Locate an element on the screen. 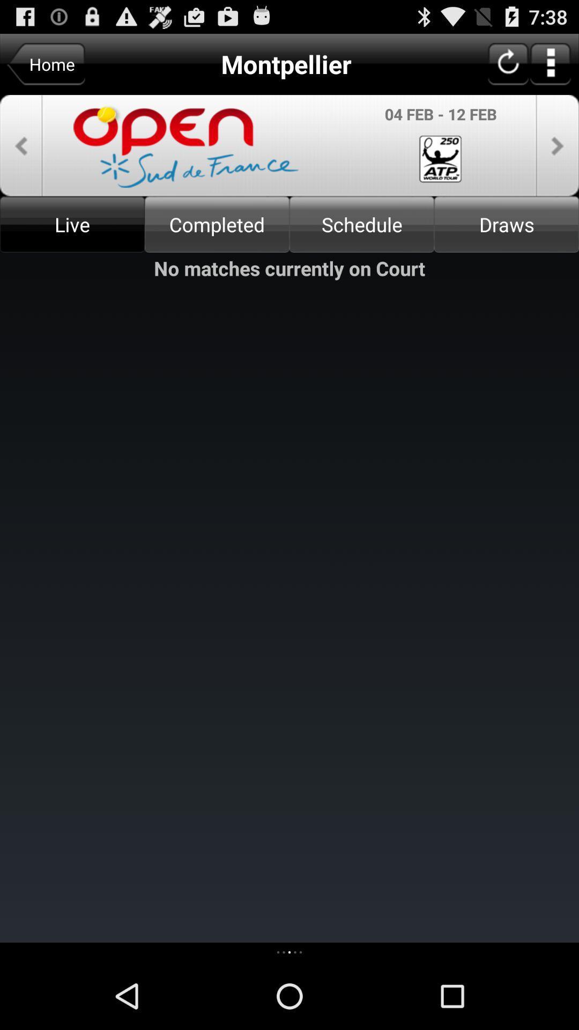 Image resolution: width=579 pixels, height=1030 pixels. the home button left to montpellier is located at coordinates (46, 63).